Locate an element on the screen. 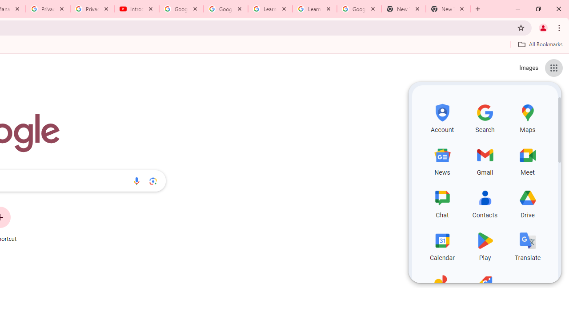 The width and height of the screenshot is (569, 320). 'Shopping, row 5 of 5 and column 2 of 3 in the first section' is located at coordinates (485, 288).